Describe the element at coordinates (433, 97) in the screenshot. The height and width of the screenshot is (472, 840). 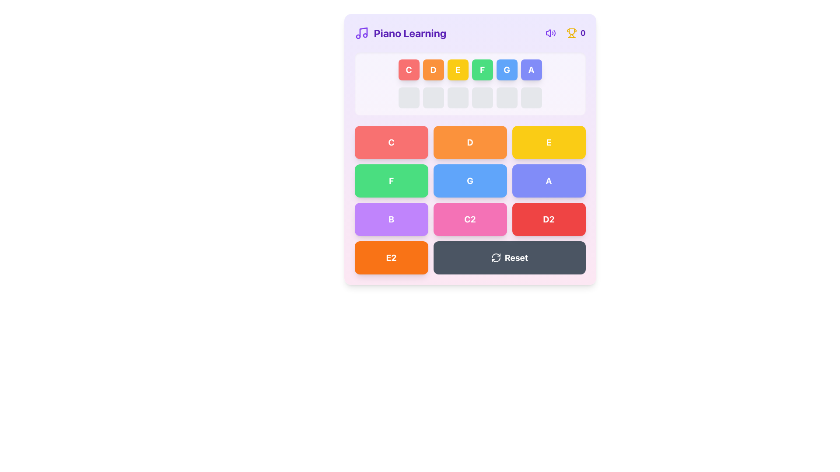
I see `the second inactive or placeholder button in a horizontal row of six squares, located centrally at the top section of the interface` at that location.